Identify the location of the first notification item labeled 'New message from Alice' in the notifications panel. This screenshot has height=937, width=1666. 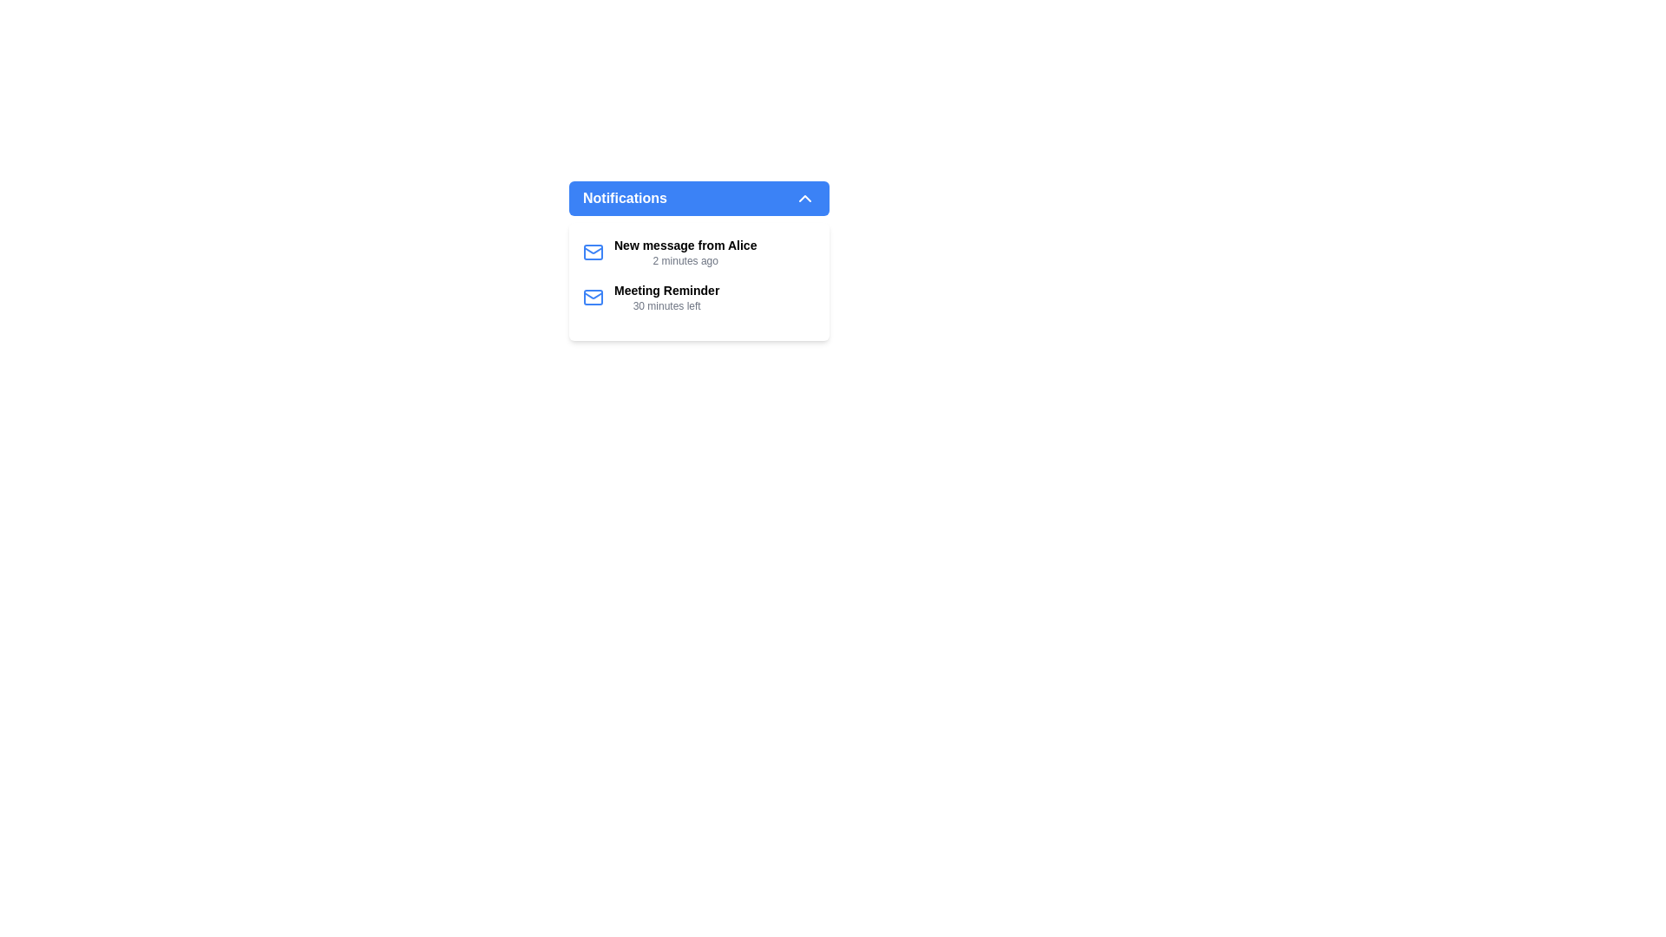
(699, 252).